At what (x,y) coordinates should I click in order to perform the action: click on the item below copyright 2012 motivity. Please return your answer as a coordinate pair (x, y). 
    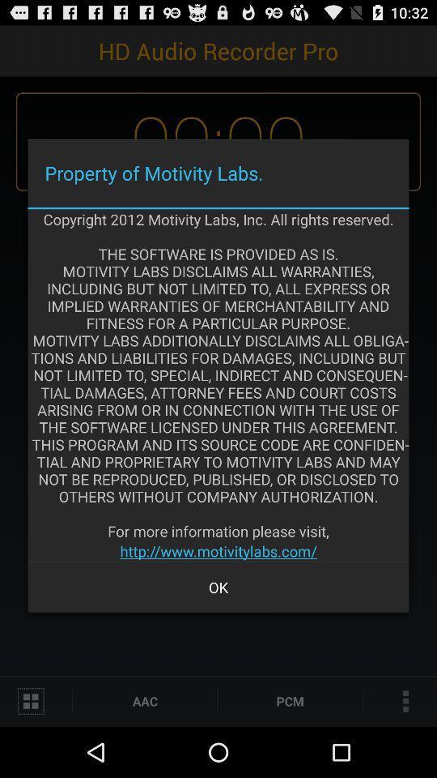
    Looking at the image, I should click on (218, 551).